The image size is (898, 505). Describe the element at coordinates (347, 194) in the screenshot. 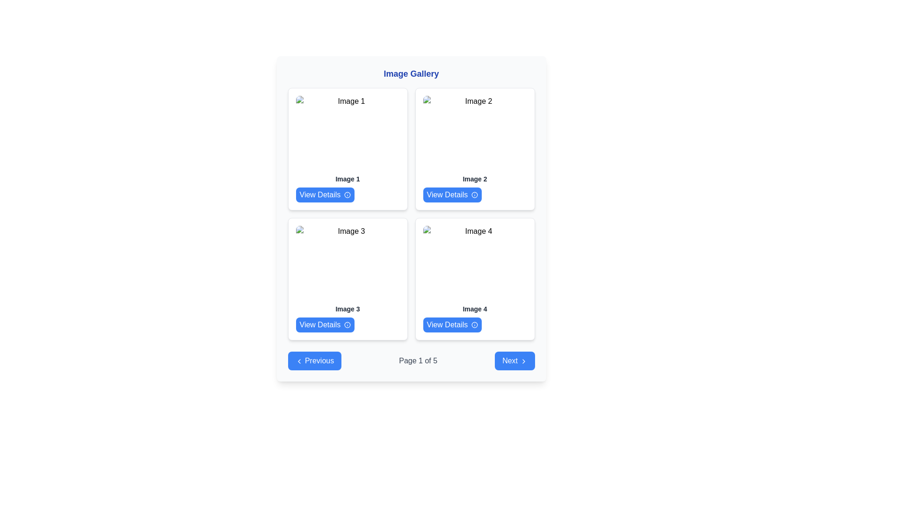

I see `the decorative circle within the 'View Details' button in the first image card of the 2x2 grid of images` at that location.